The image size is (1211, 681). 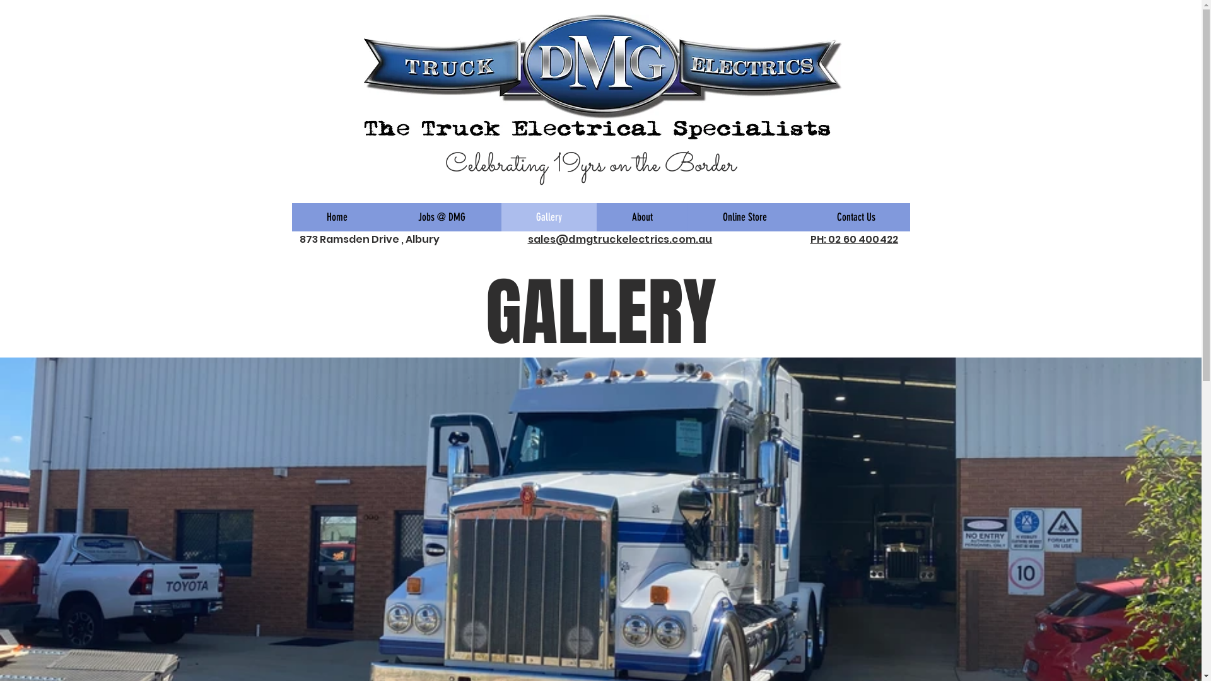 What do you see at coordinates (336, 216) in the screenshot?
I see `'Home'` at bounding box center [336, 216].